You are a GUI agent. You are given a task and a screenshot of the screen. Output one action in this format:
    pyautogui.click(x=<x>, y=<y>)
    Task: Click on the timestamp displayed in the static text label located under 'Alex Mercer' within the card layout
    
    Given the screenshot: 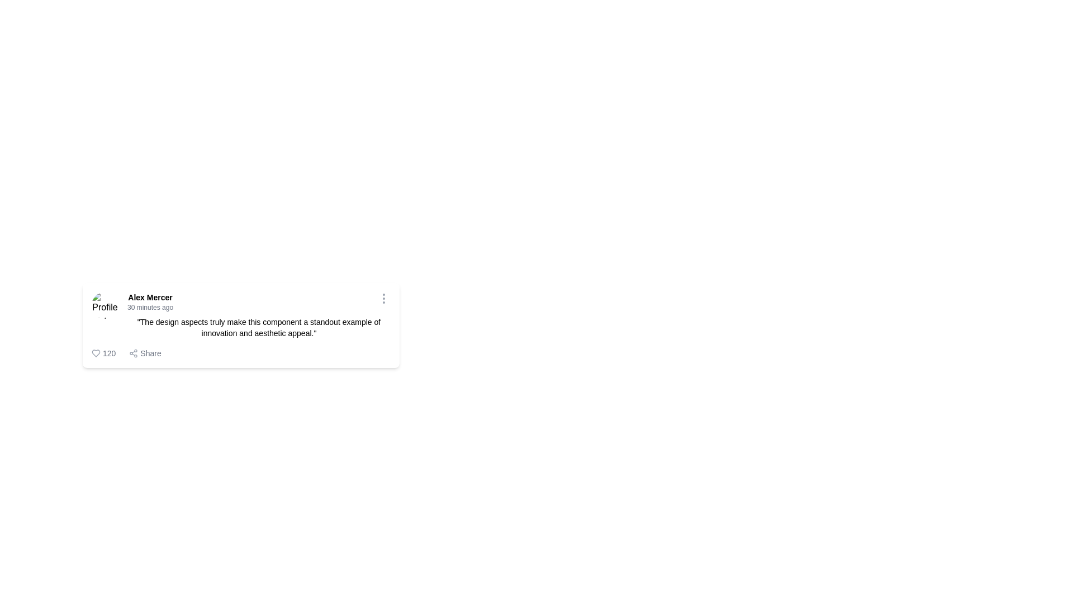 What is the action you would take?
    pyautogui.click(x=149, y=308)
    